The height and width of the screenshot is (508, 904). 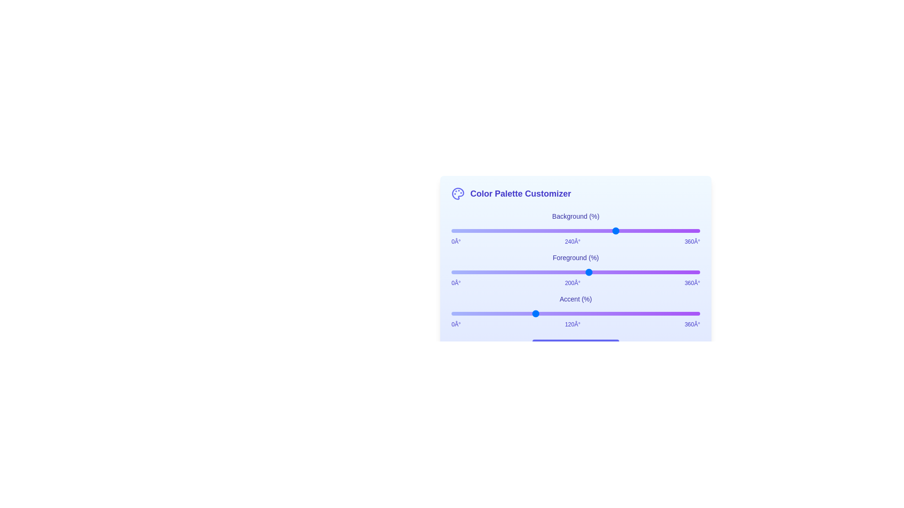 I want to click on the Accent slider to set its hue to 121 degrees, so click(x=535, y=314).